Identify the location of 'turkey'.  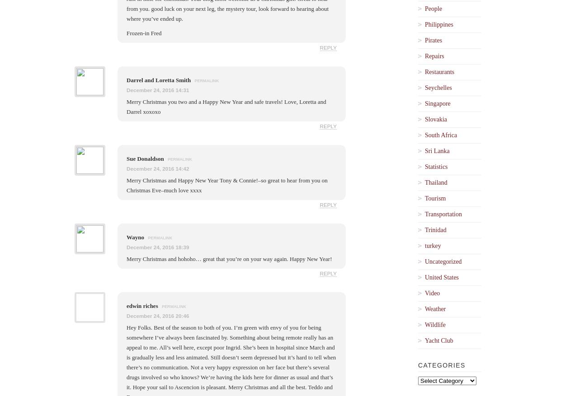
(432, 246).